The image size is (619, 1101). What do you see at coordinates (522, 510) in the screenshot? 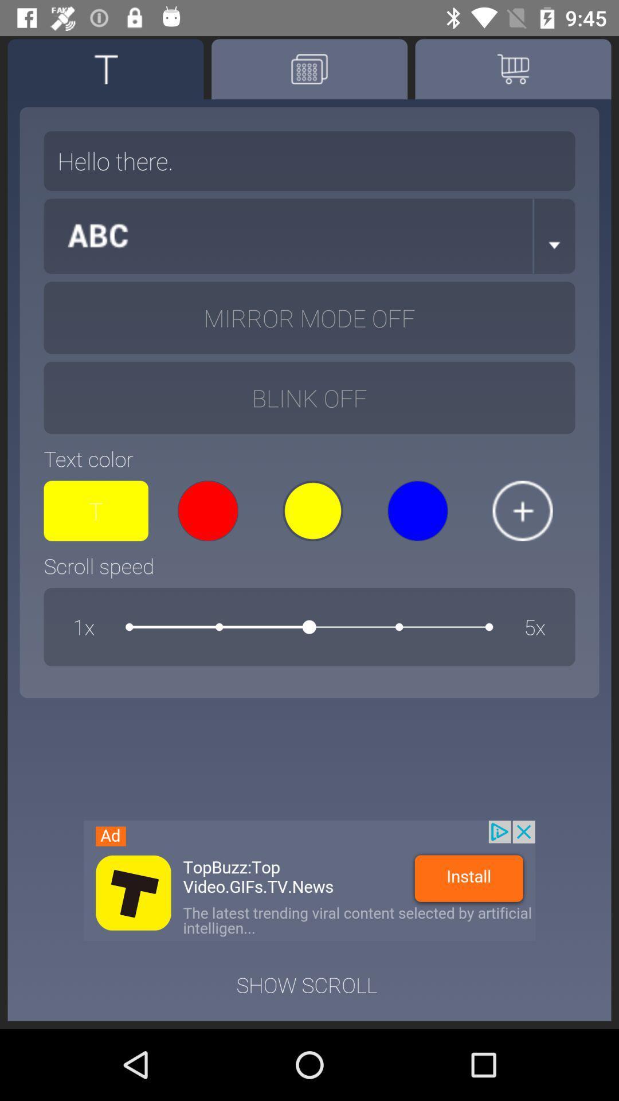
I see `add text color` at bounding box center [522, 510].